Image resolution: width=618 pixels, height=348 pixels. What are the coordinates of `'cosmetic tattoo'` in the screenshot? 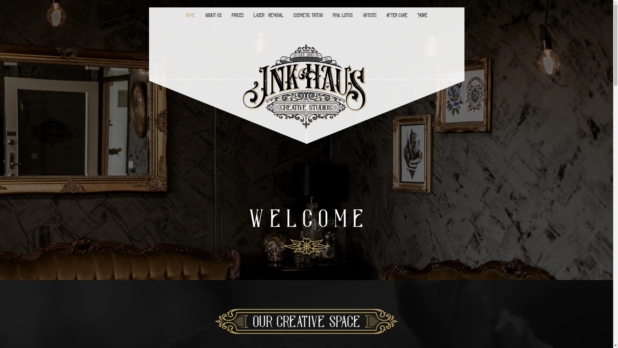 It's located at (307, 15).